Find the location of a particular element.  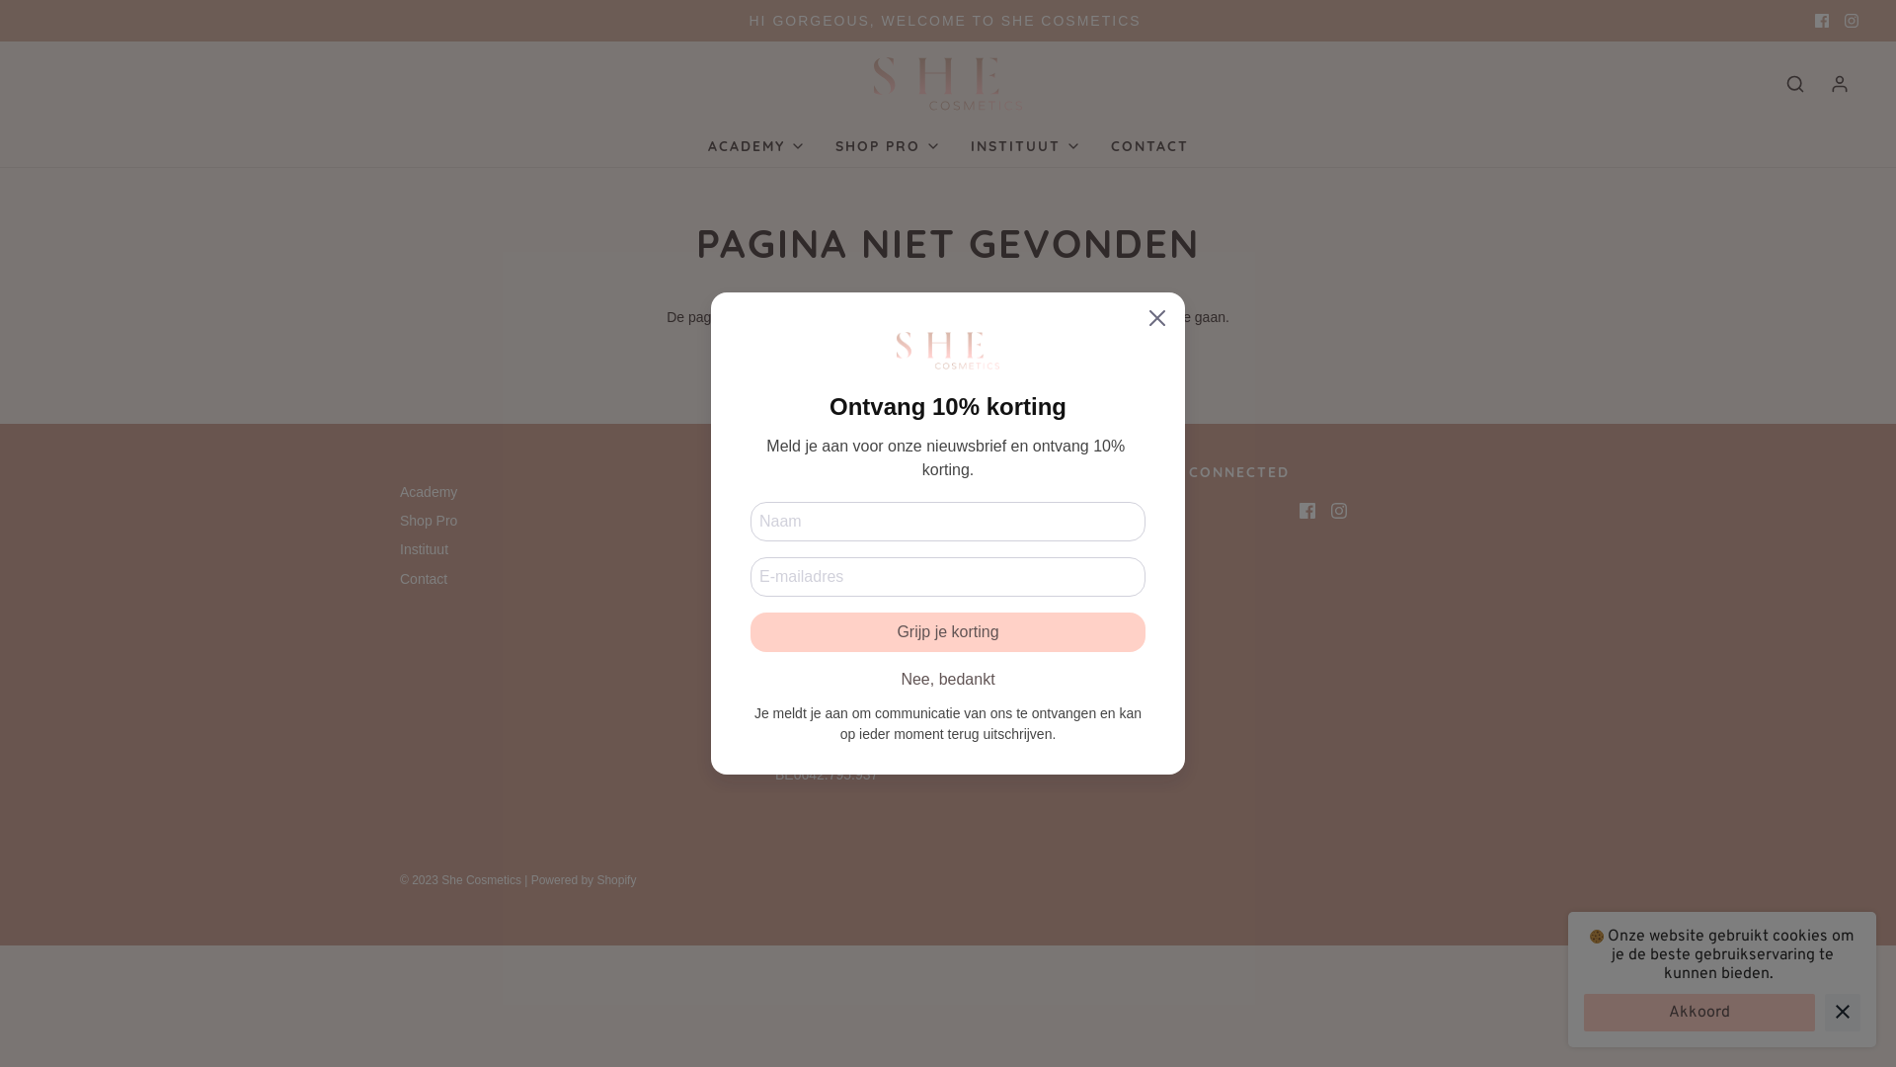

'Contact' is located at coordinates (422, 581).